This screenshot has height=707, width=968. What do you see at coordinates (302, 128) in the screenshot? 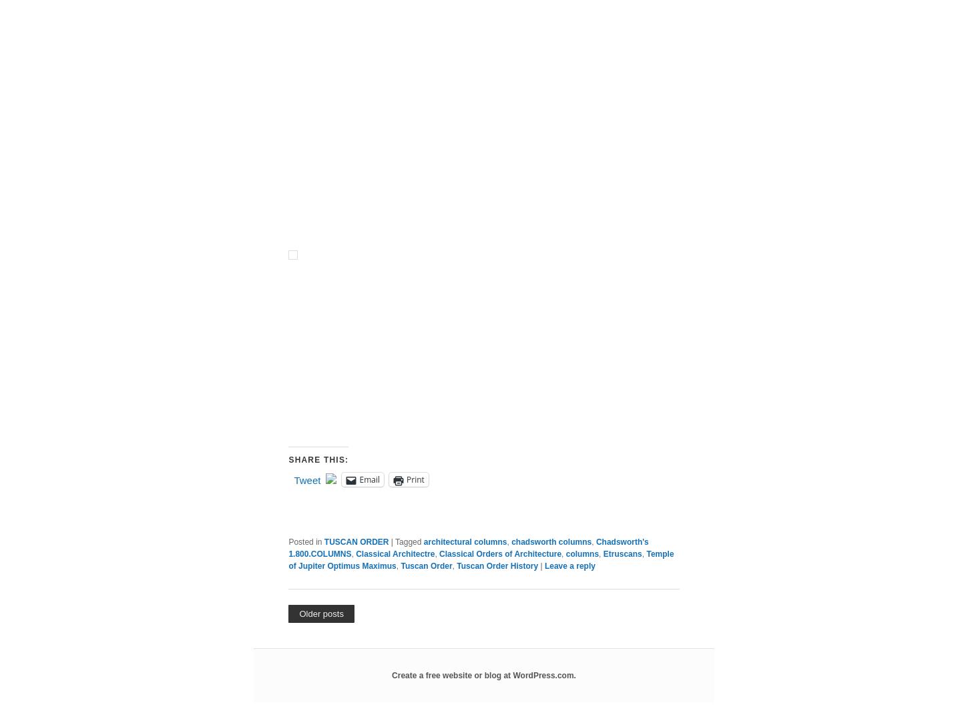
I see `'PLATES'` at bounding box center [302, 128].